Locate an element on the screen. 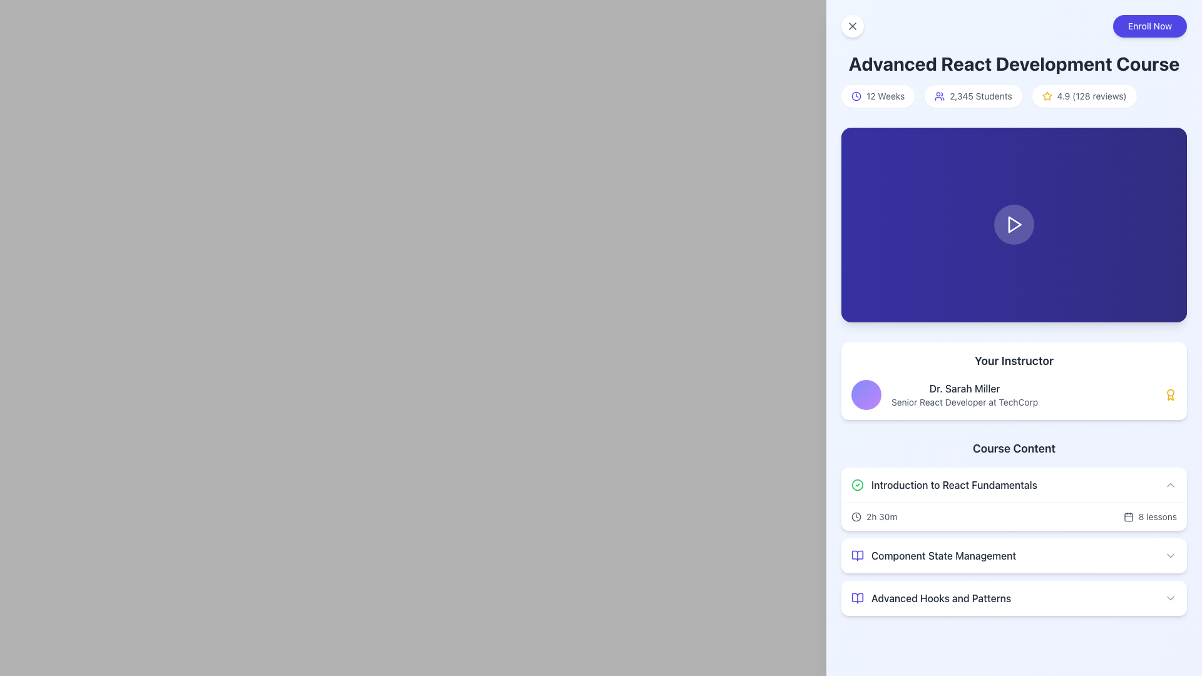  the circular button with a play icon located at the top-middle part of the page is located at coordinates (1014, 223).